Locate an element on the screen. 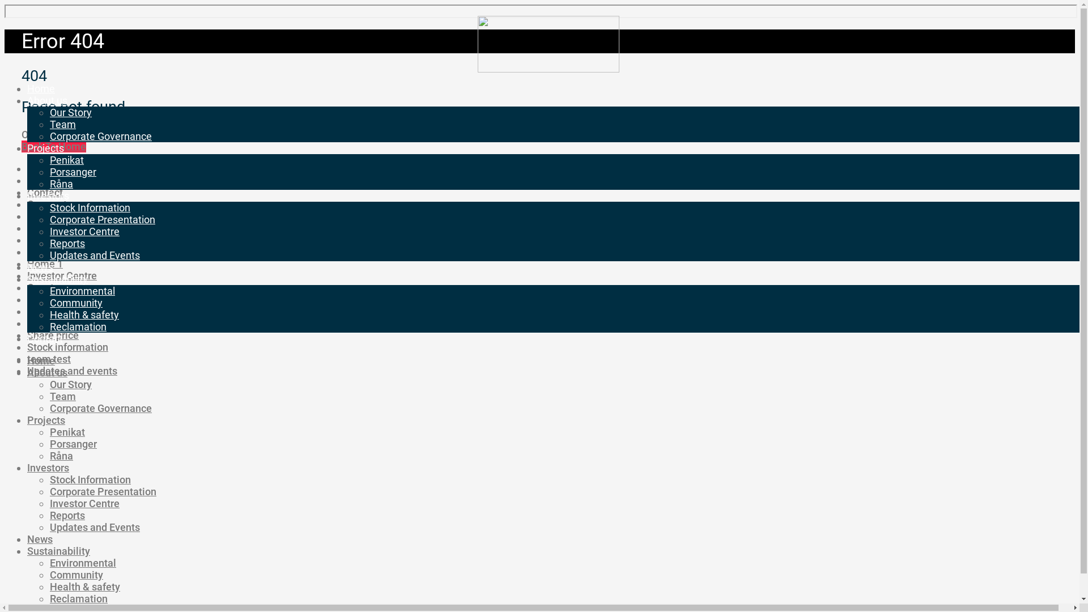 This screenshot has height=612, width=1088. 'team test' is located at coordinates (48, 359).